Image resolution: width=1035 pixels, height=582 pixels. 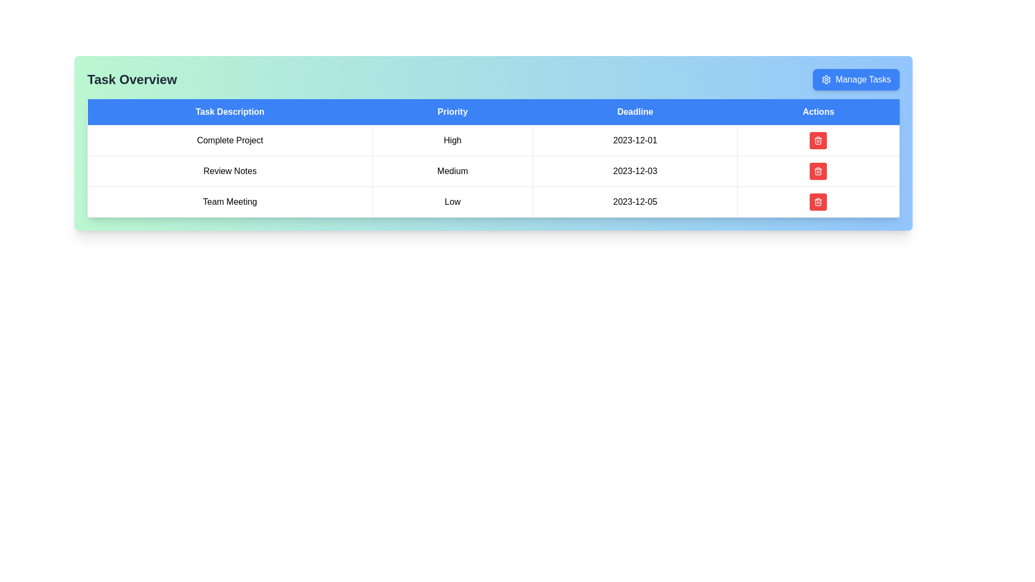 I want to click on the Text Display that shows the title of the task, located in the first entry of the 'Task Description' column in the table layout, so click(x=229, y=140).